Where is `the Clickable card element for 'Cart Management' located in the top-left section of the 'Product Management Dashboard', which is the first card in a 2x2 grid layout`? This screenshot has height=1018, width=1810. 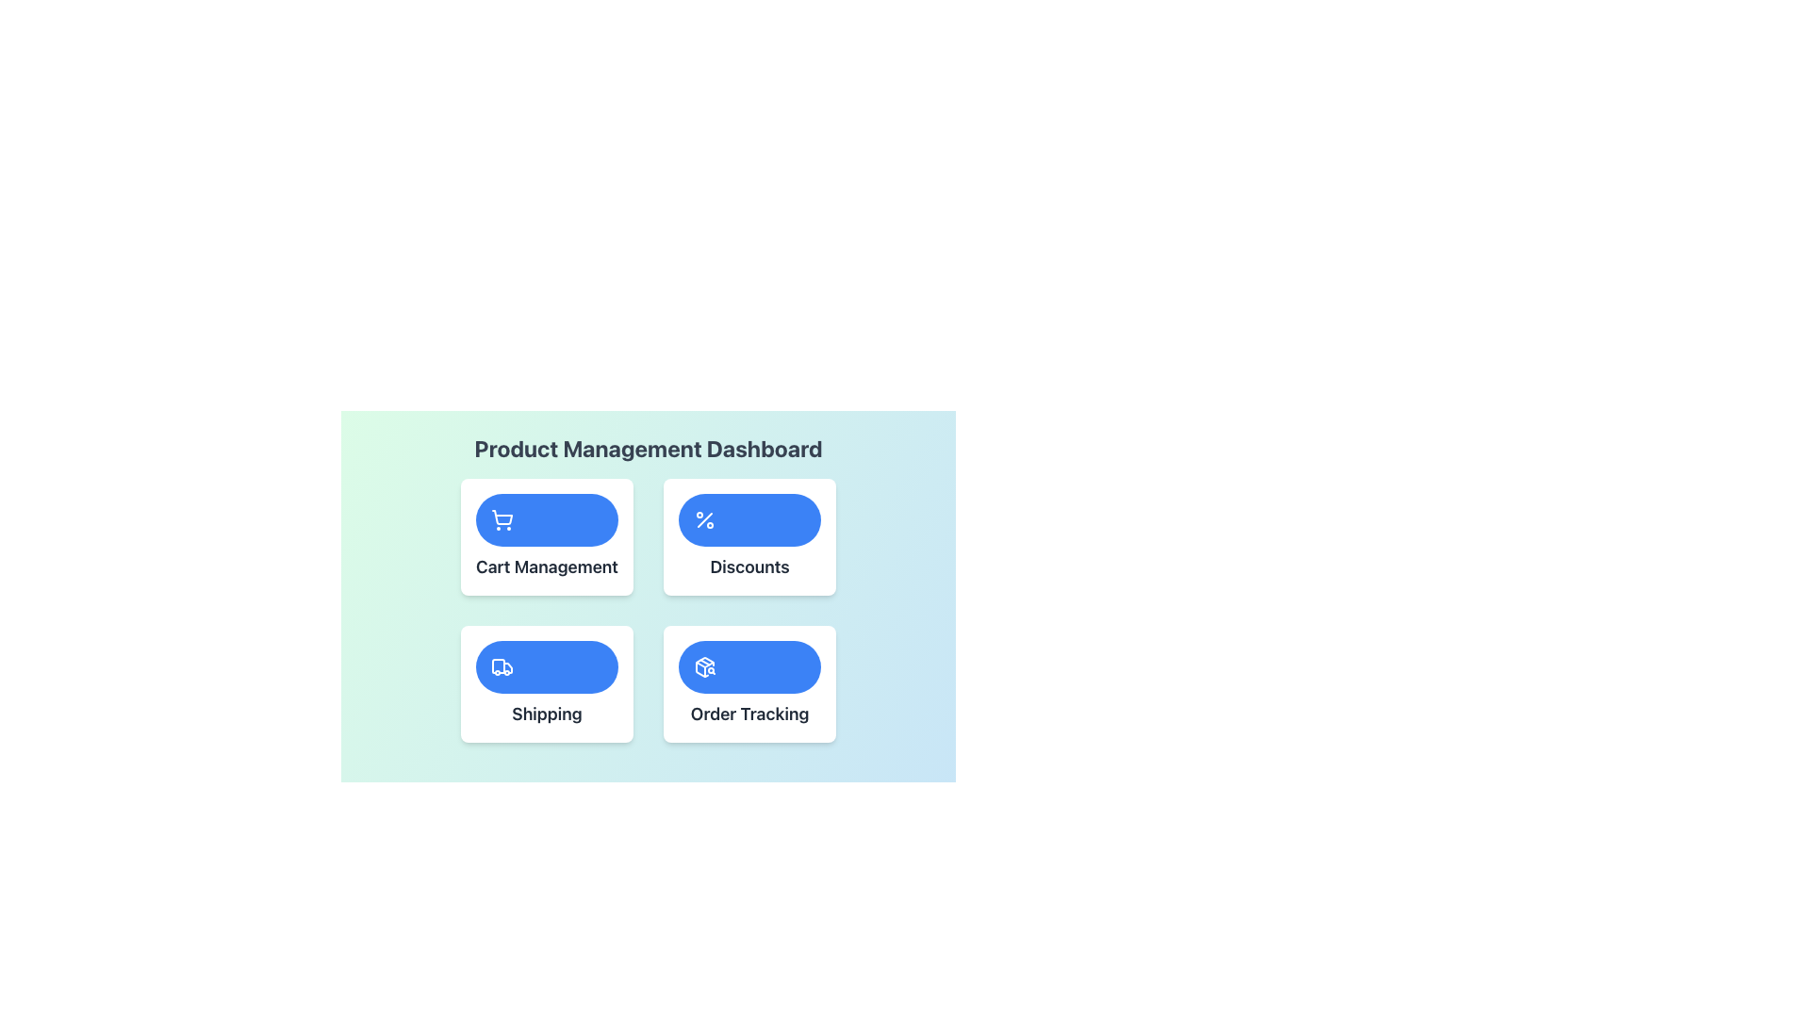
the Clickable card element for 'Cart Management' located in the top-left section of the 'Product Management Dashboard', which is the first card in a 2x2 grid layout is located at coordinates (546, 537).